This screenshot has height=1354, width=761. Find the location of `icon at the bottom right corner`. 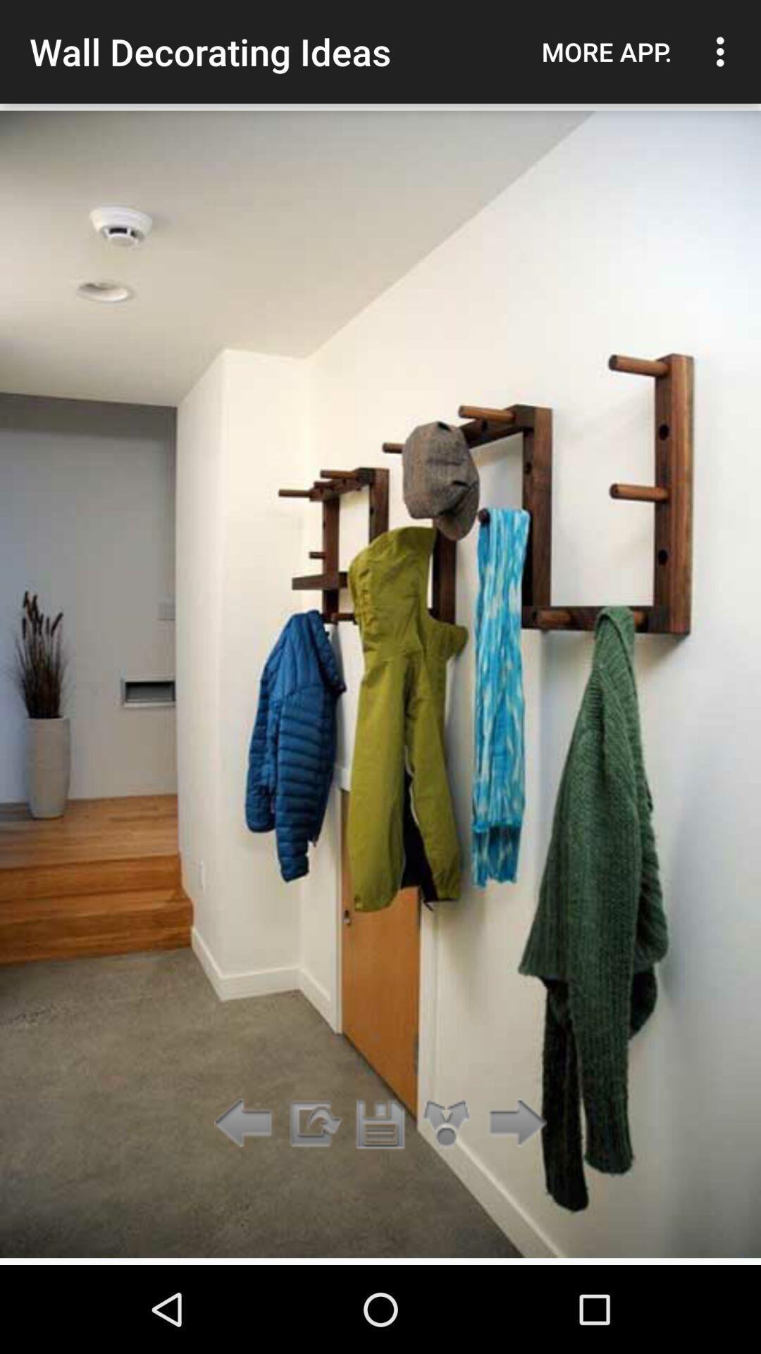

icon at the bottom right corner is located at coordinates (514, 1123).